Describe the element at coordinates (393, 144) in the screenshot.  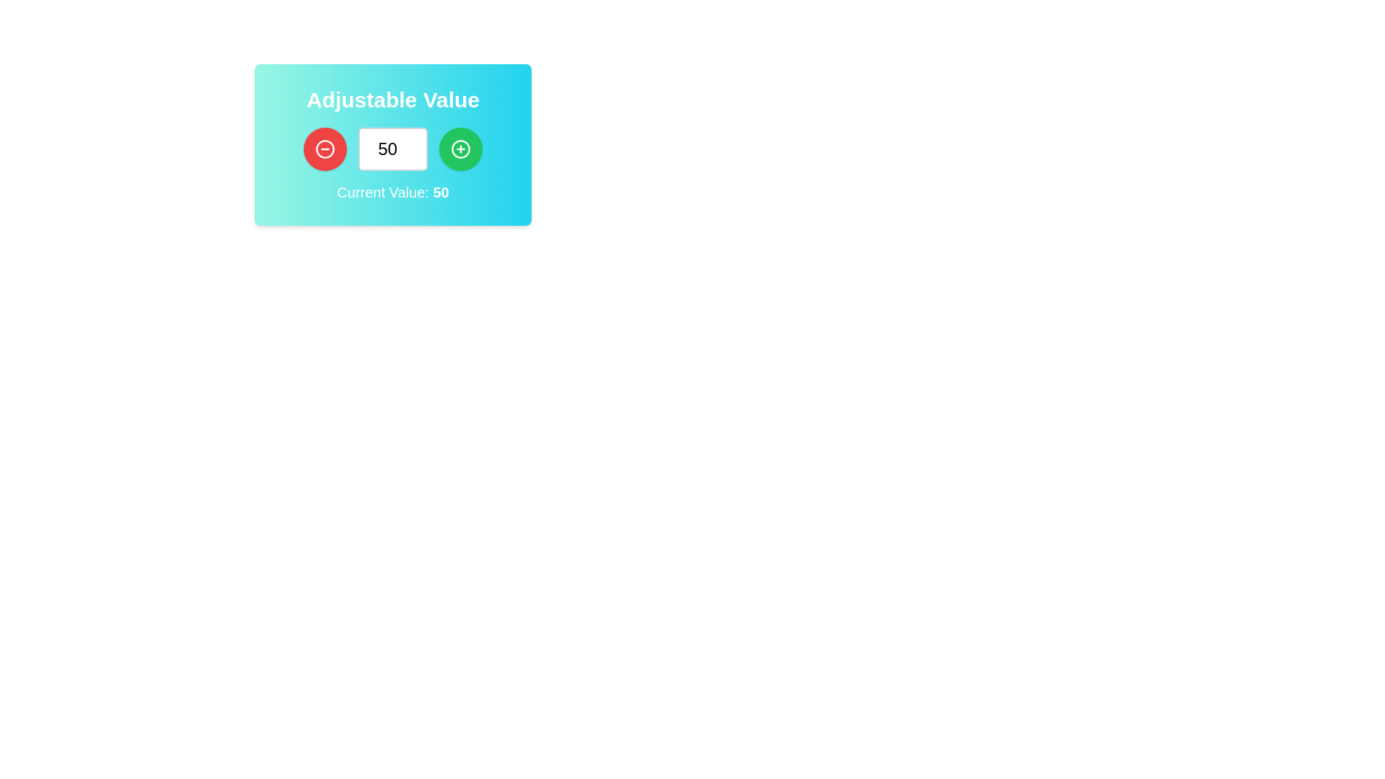
I see `the mouse` at that location.